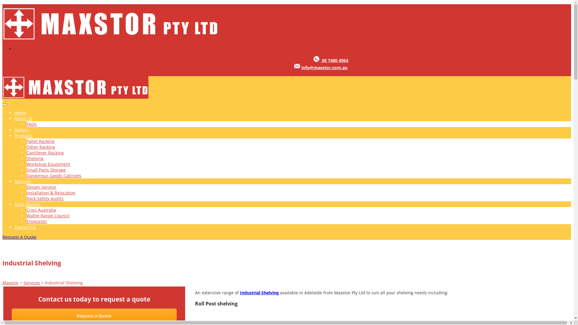  I want to click on 'Wattle Range Council', so click(48, 215).